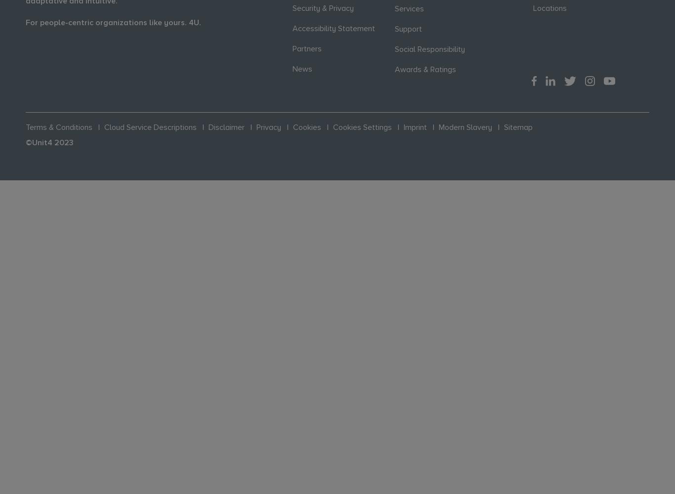 The height and width of the screenshot is (494, 675). What do you see at coordinates (394, 29) in the screenshot?
I see `'Support'` at bounding box center [394, 29].